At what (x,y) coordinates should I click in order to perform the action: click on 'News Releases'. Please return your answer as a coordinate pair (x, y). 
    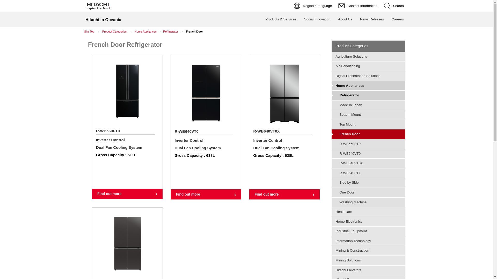
    Looking at the image, I should click on (371, 19).